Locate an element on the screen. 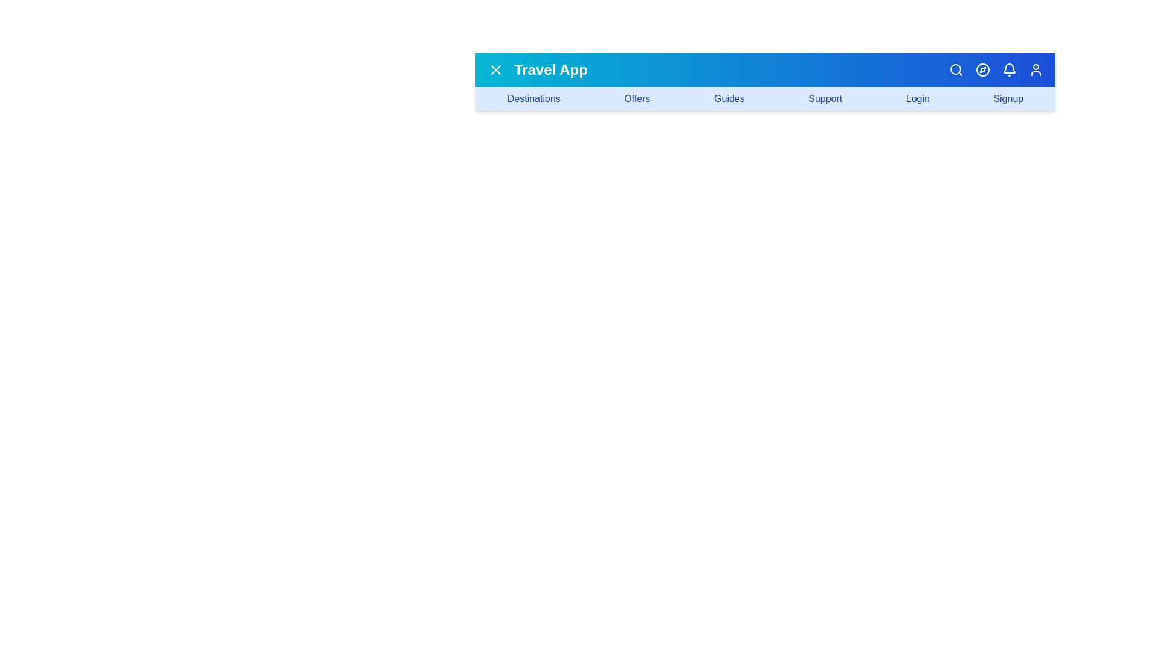  the navigation link labeled 'Login' is located at coordinates (917, 98).